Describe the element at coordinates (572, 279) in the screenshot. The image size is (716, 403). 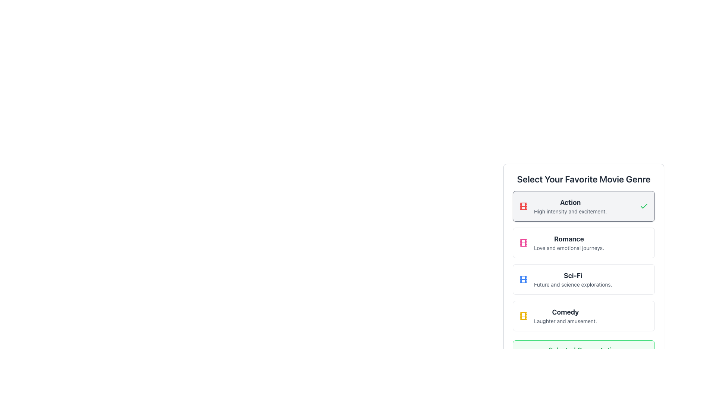
I see `the 'Sci-Fi' text block, which features a bold title and a subtitle, located in the third row of a vertical list of options between 'Romance' and 'Comedy'` at that location.